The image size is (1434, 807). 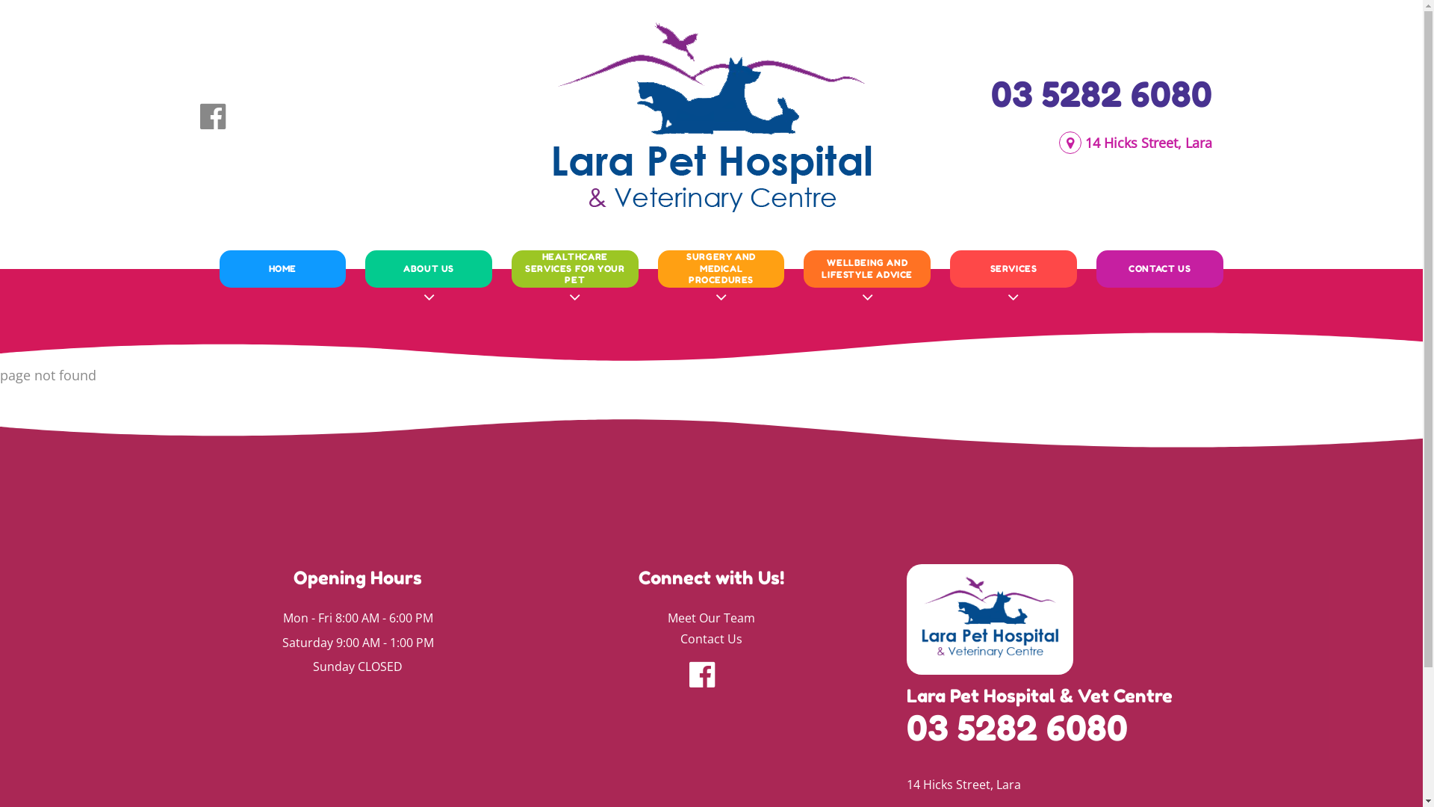 I want to click on 'ABOUT US', so click(x=428, y=267).